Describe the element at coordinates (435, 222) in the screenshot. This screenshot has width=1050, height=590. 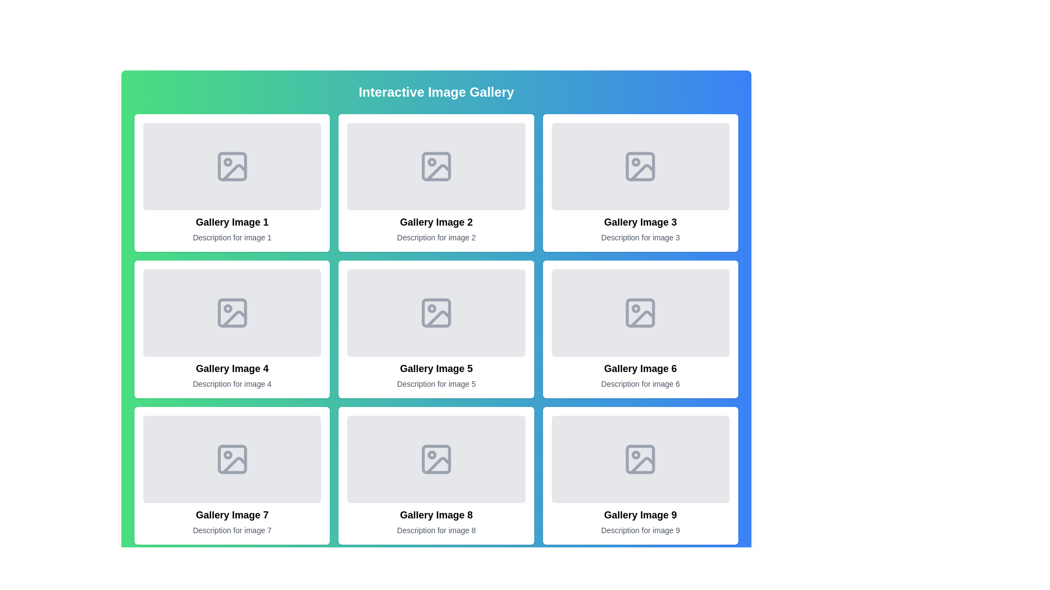
I see `text label that serves as the title of the gallery item, positioned in the middle column of the first row, below the gray image placeholder` at that location.